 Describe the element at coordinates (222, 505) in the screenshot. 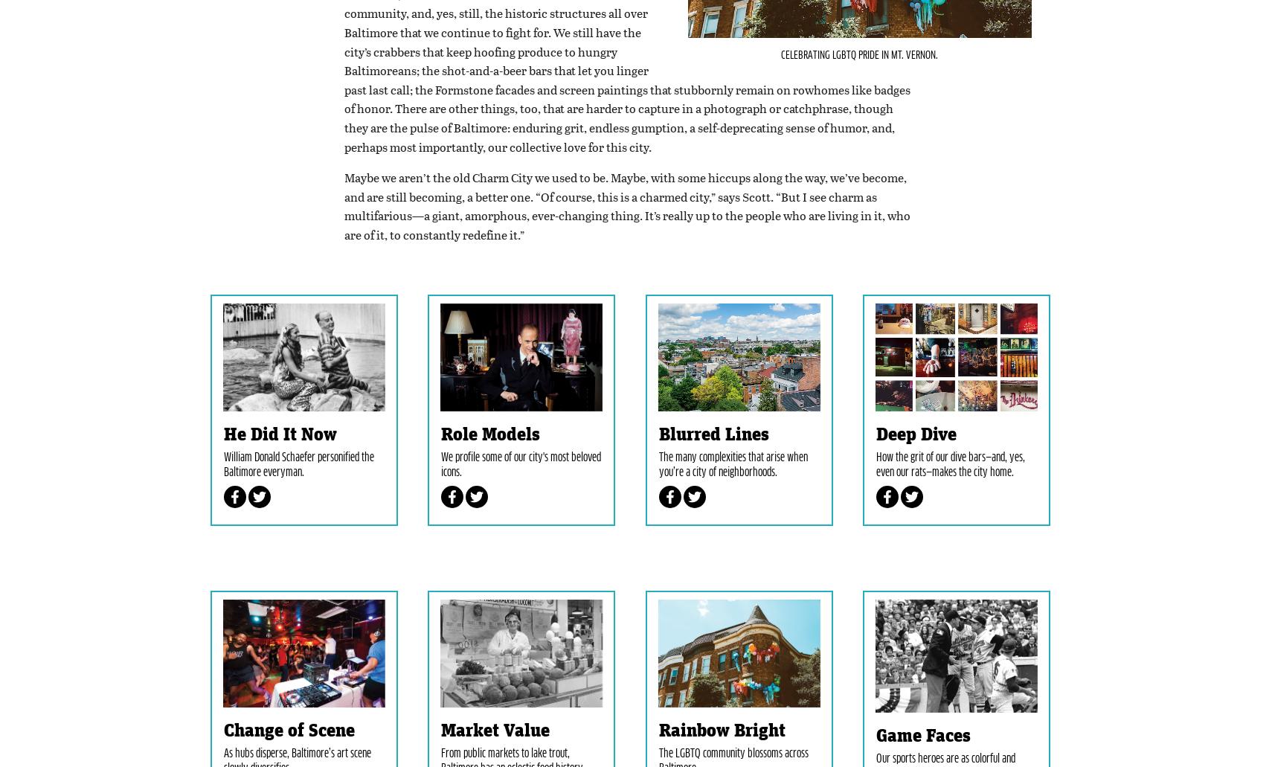

I see `'He Did It Now'` at that location.